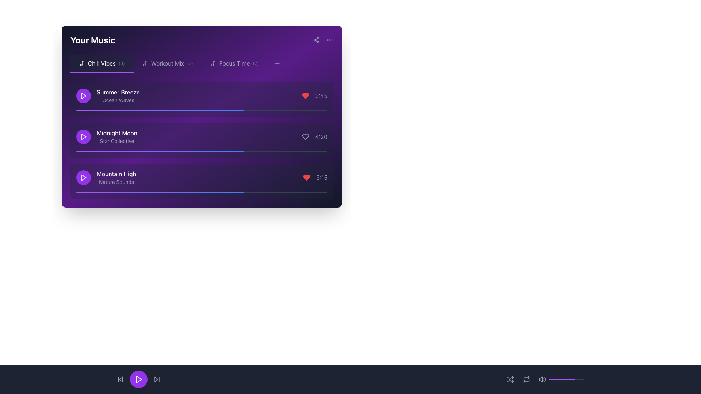 The height and width of the screenshot is (394, 701). I want to click on the second play button, which is a triangular play icon with a white outline on a purple circular background, located in the 'Your Music' interface below the 'Chill Vibes' tab next to the 'Midnight Moon' track to play the track, so click(84, 136).